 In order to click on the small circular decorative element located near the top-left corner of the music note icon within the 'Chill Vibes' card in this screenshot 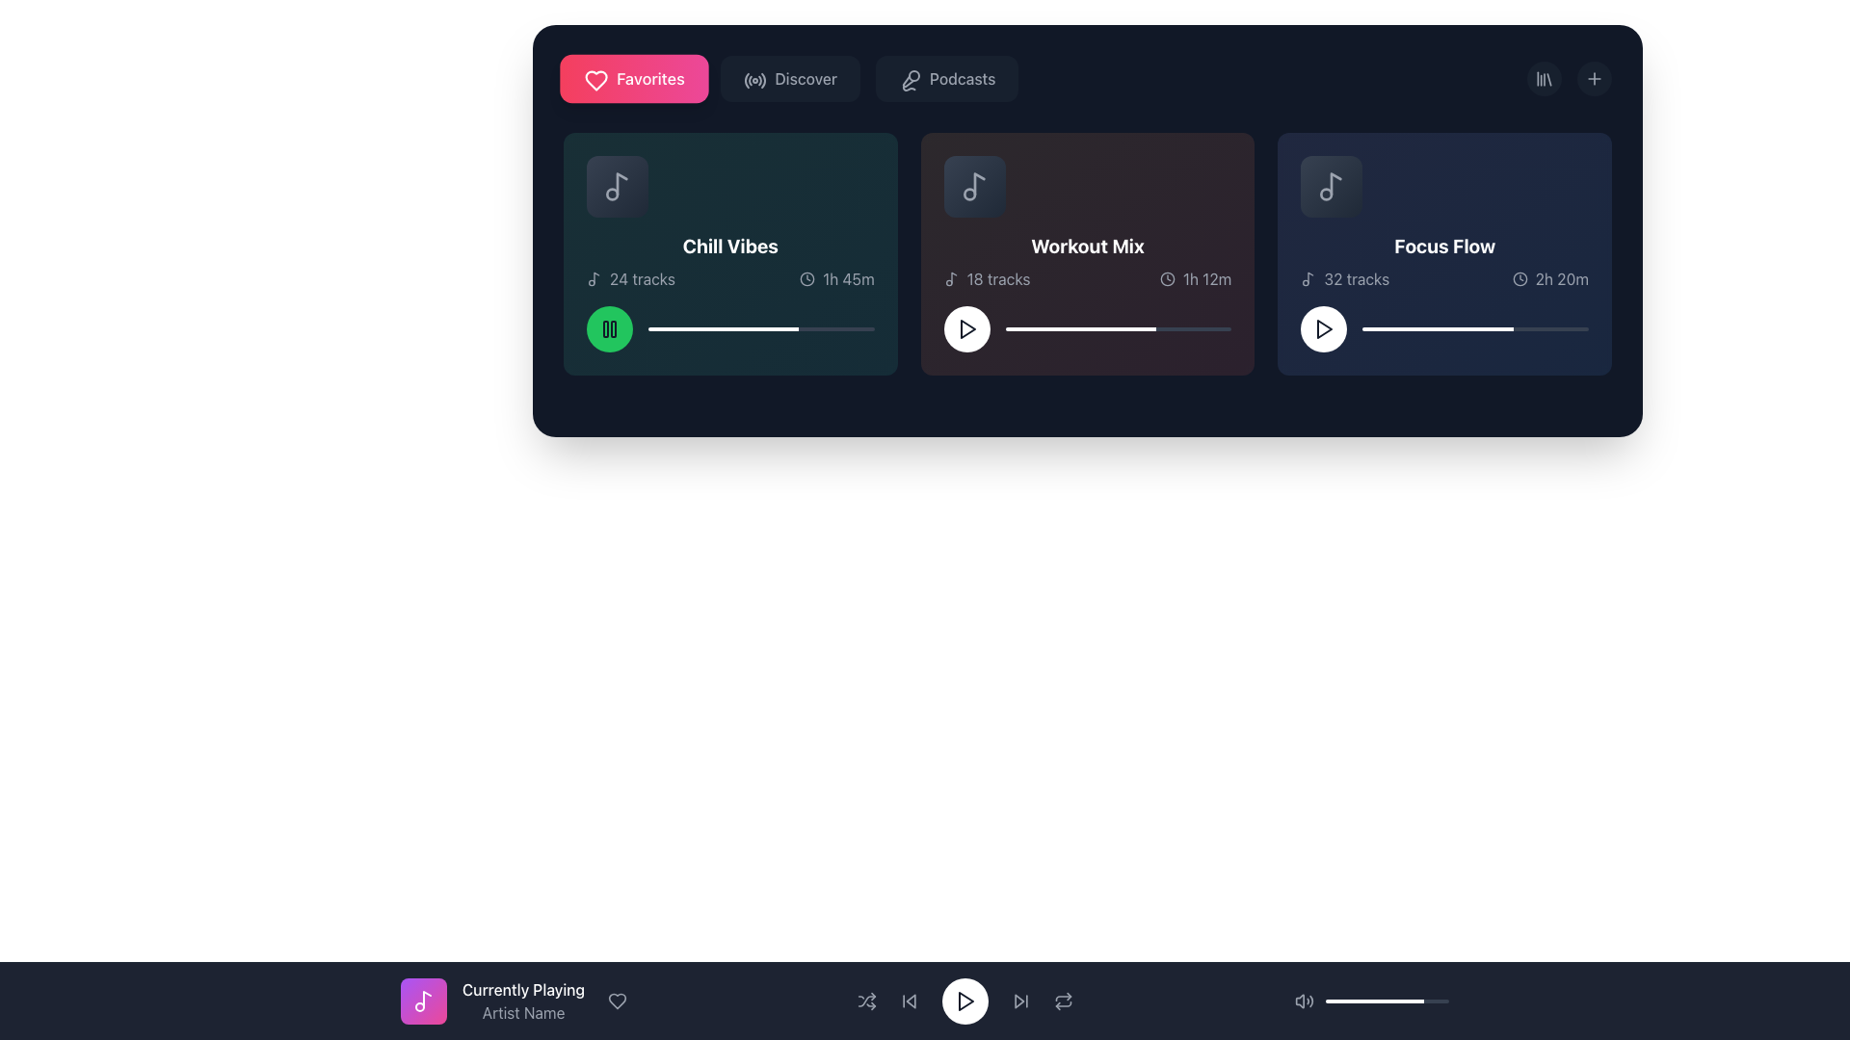, I will do `click(611, 194)`.